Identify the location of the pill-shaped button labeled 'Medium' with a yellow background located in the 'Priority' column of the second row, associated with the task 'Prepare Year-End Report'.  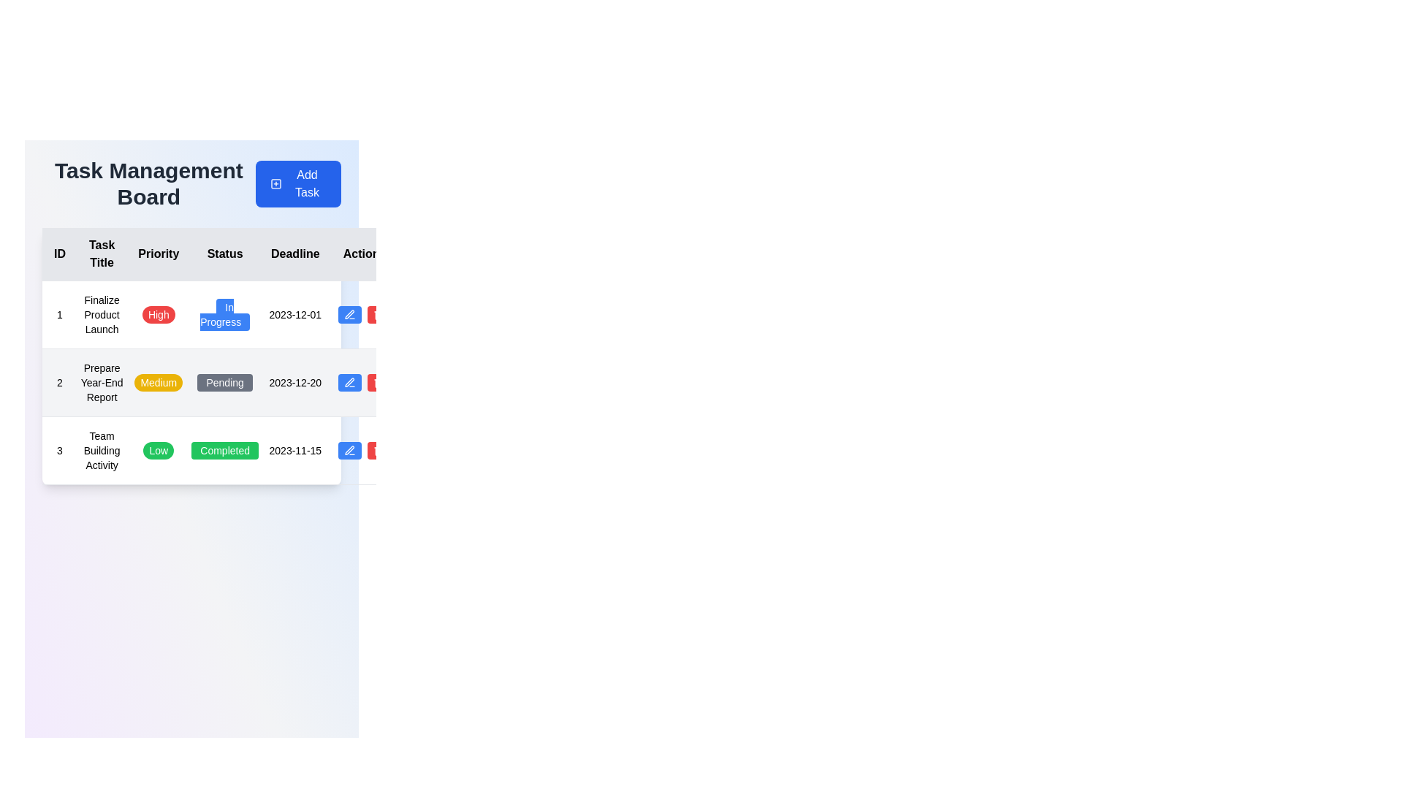
(159, 382).